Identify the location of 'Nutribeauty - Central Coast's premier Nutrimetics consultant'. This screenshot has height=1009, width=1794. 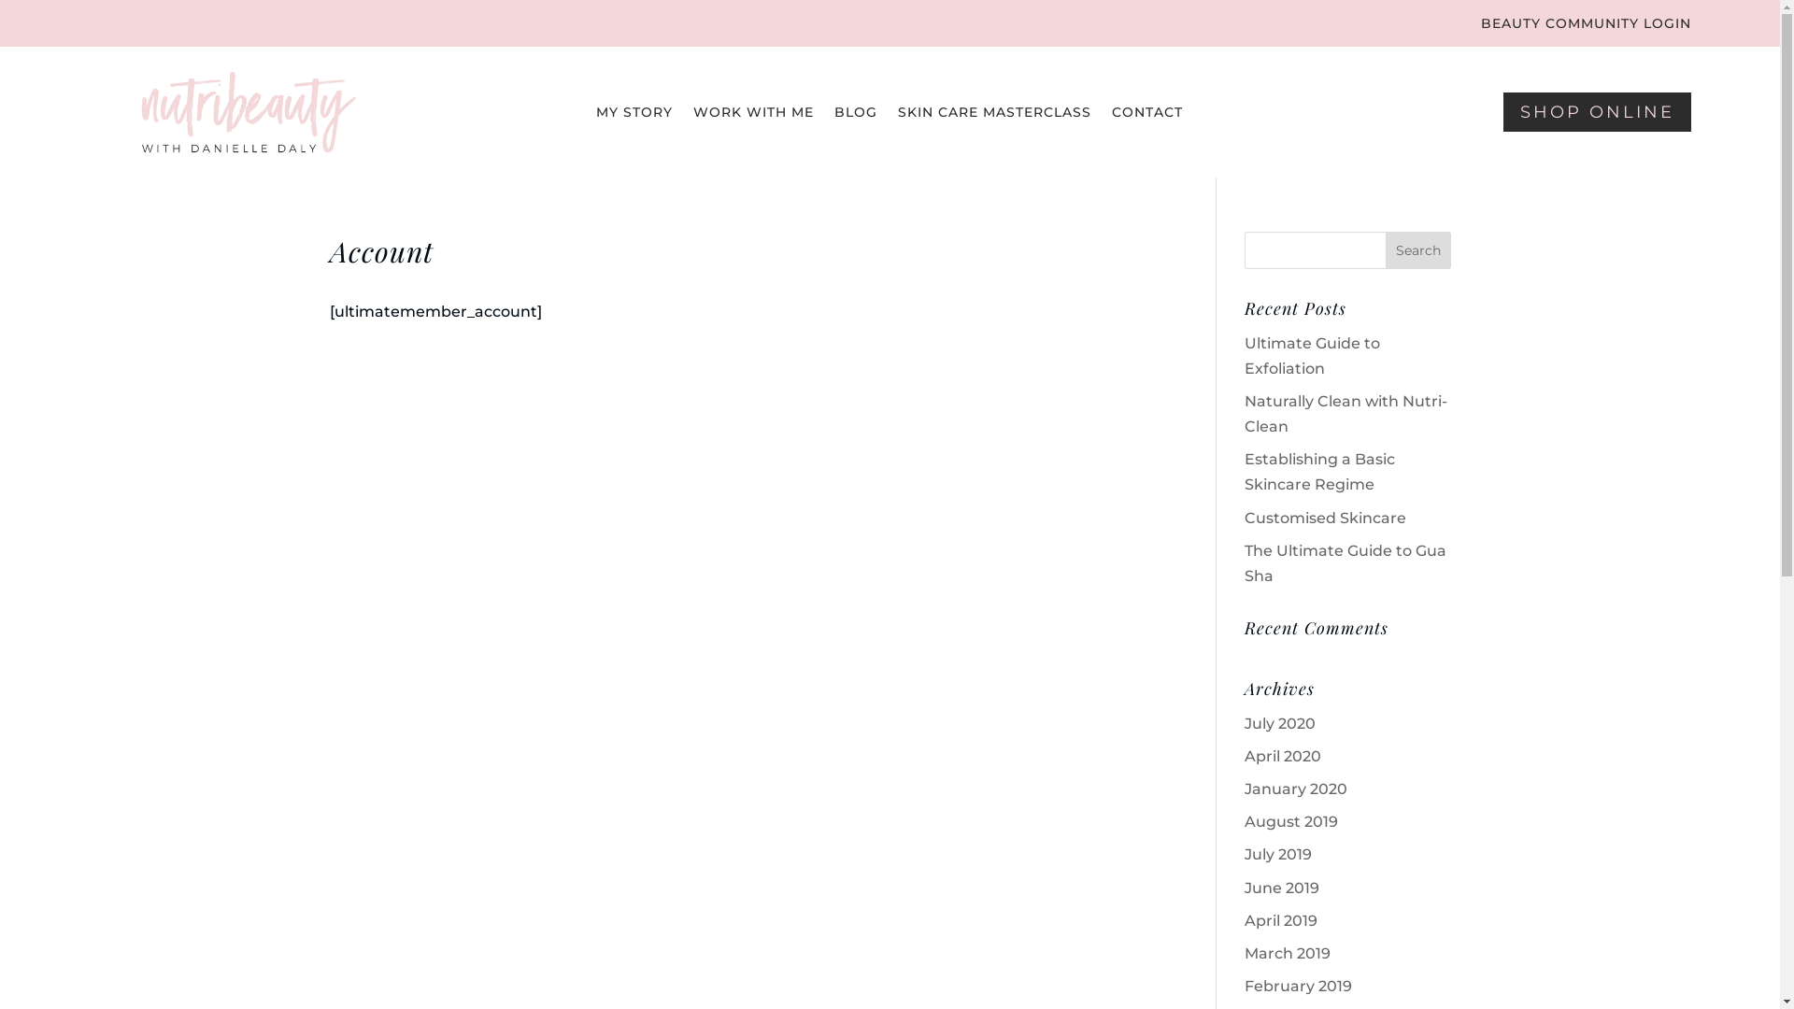
(248, 111).